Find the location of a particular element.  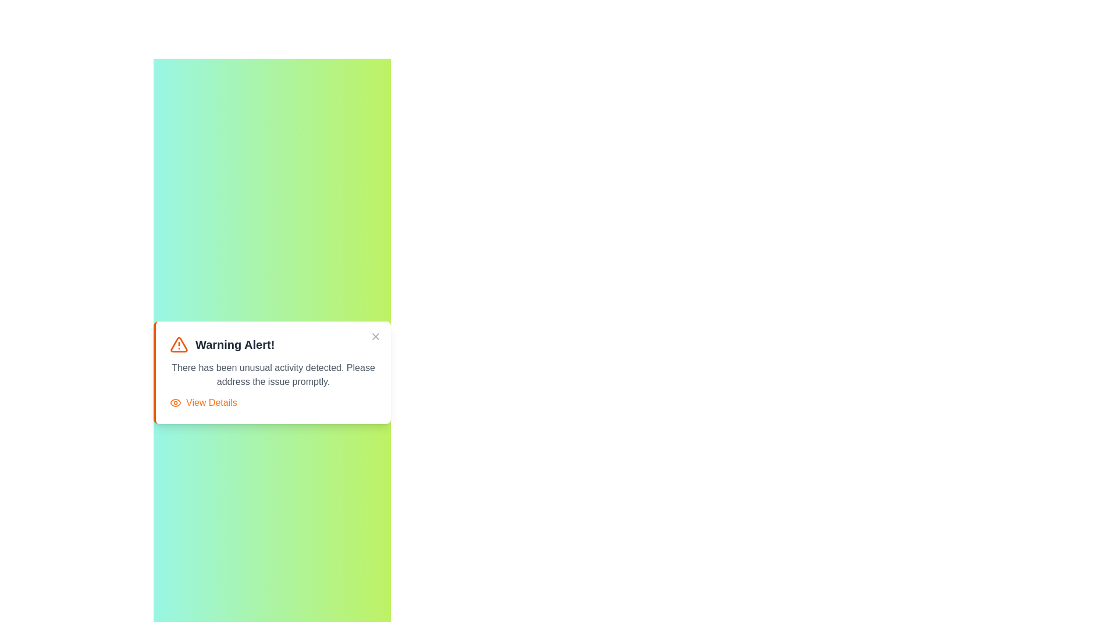

the 'View Details' button to toggle the visibility of details is located at coordinates (203, 402).